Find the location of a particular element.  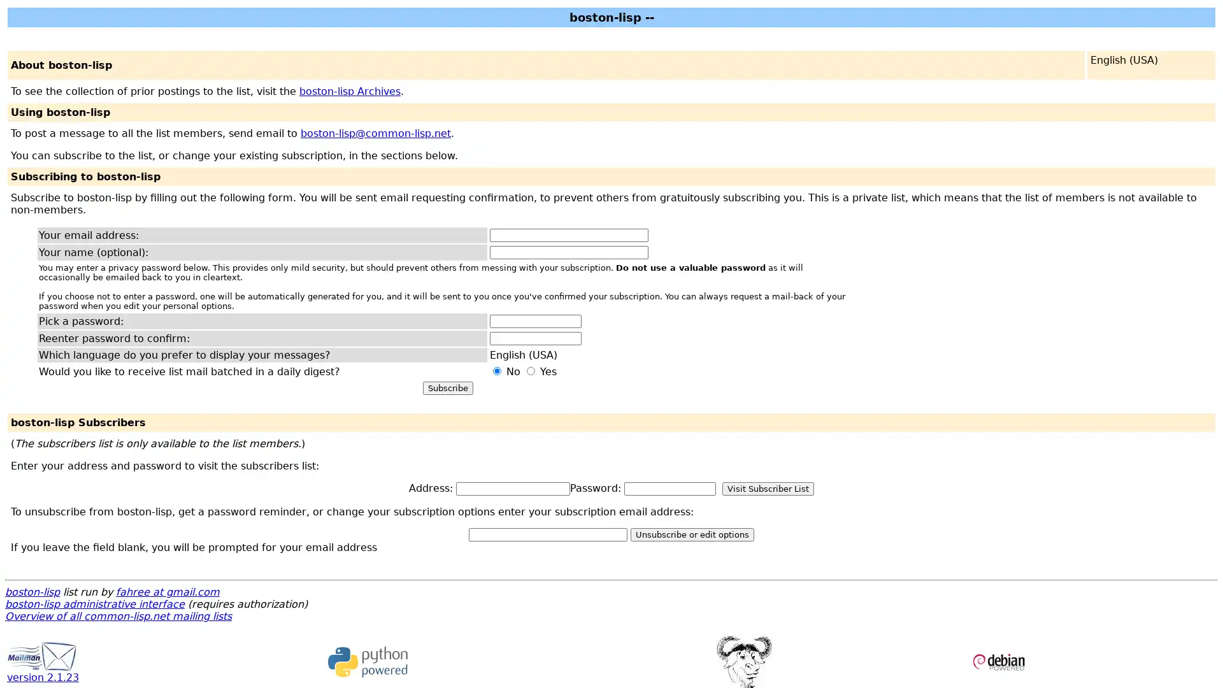

Unsubscribe or edit options is located at coordinates (691, 534).